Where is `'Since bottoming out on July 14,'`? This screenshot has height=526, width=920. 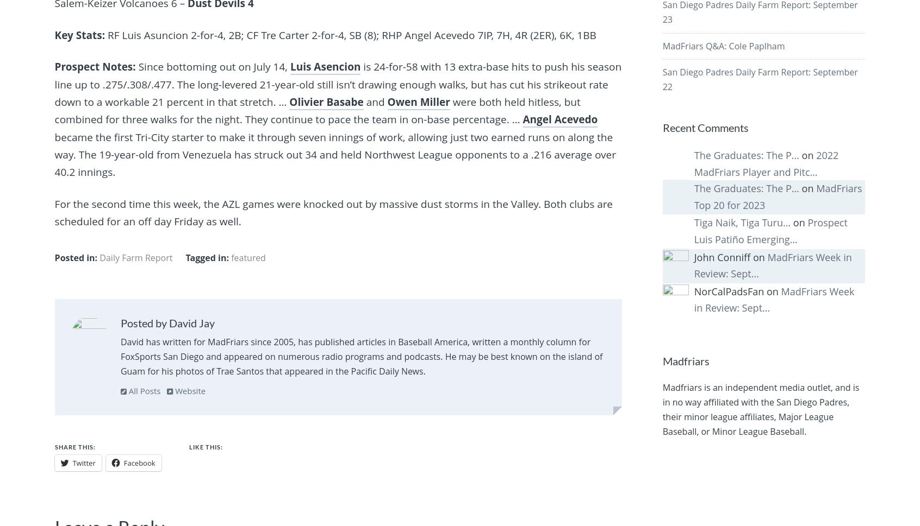 'Since bottoming out on July 14,' is located at coordinates (138, 66).